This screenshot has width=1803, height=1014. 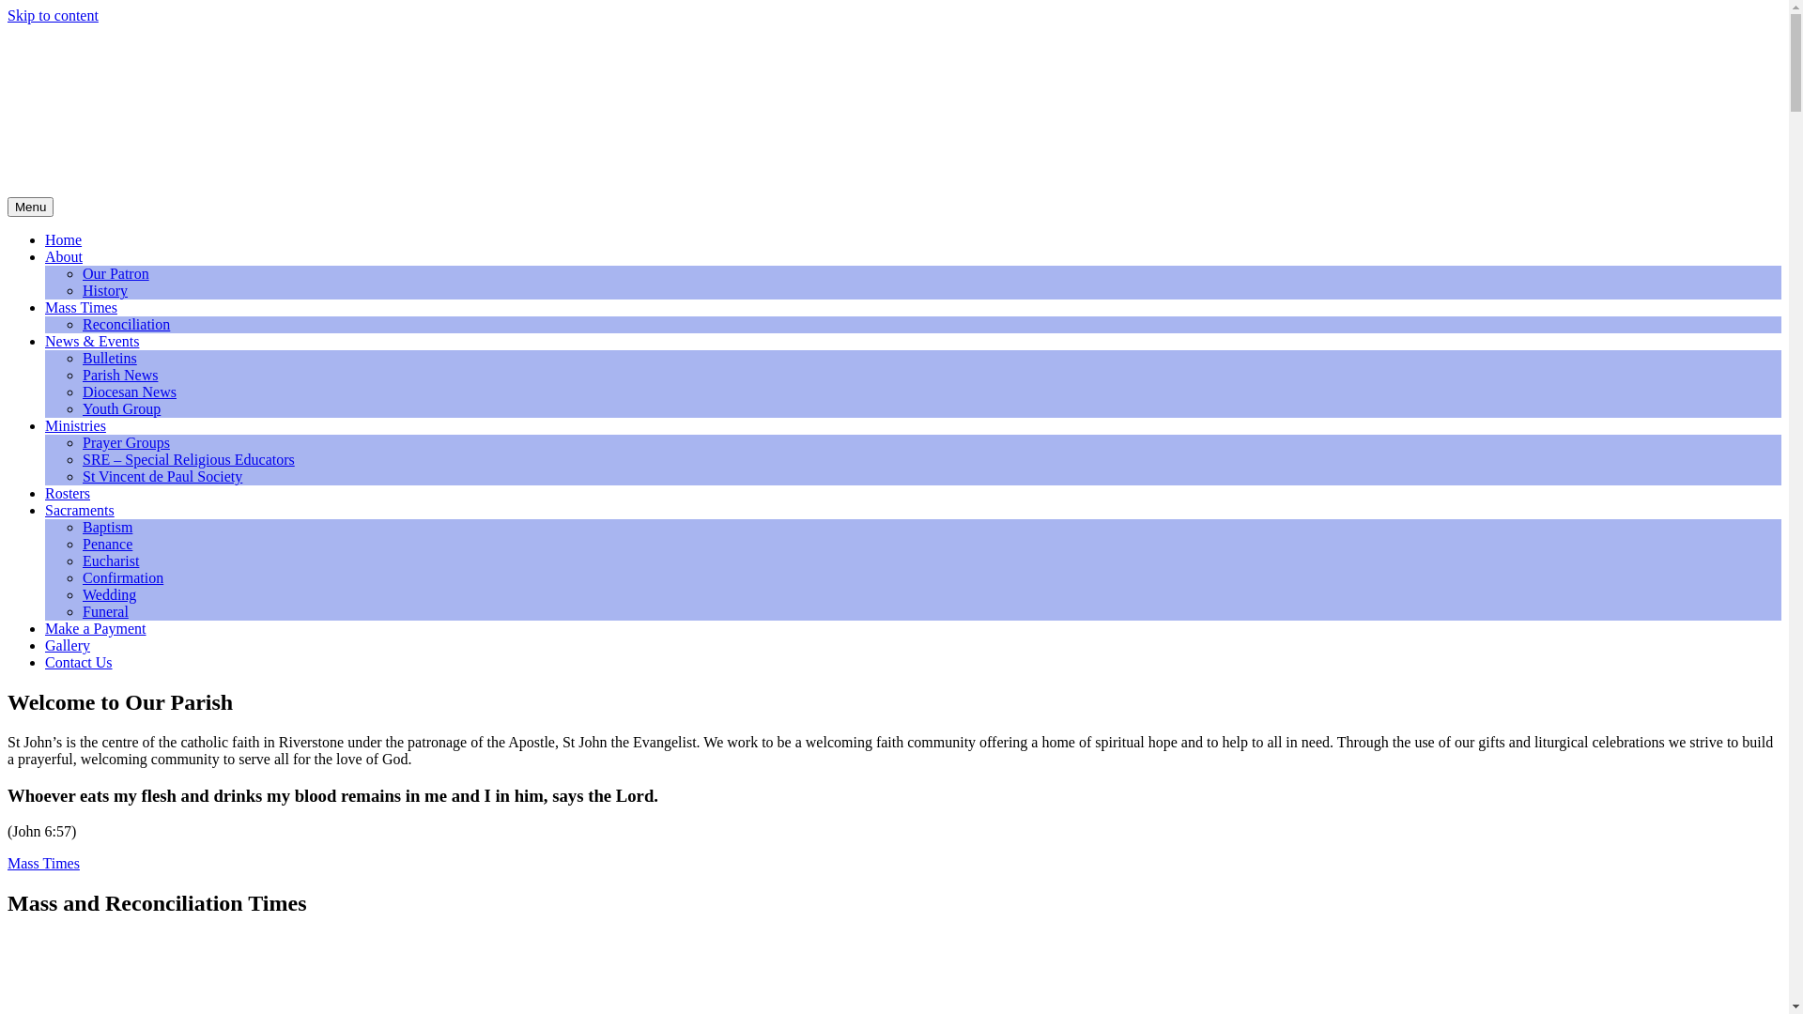 I want to click on 'Contact Us', so click(x=77, y=661).